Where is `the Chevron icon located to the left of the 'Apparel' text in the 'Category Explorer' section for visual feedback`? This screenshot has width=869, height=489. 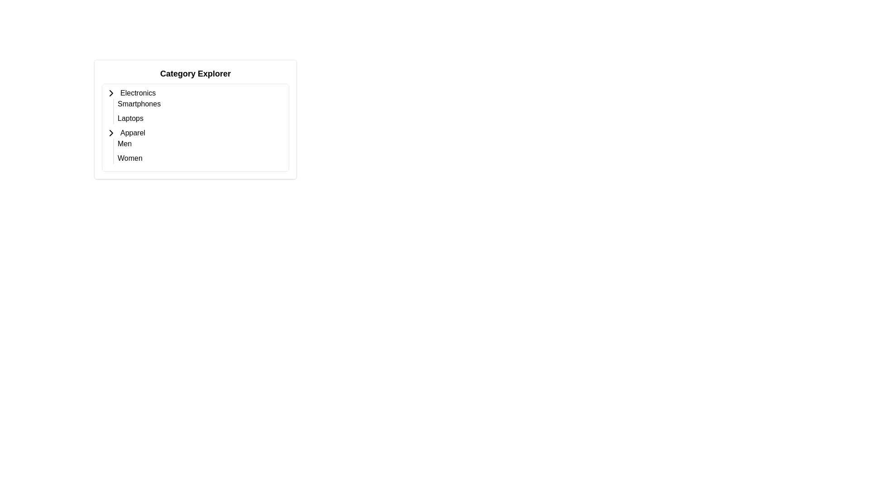
the Chevron icon located to the left of the 'Apparel' text in the 'Category Explorer' section for visual feedback is located at coordinates (110, 133).